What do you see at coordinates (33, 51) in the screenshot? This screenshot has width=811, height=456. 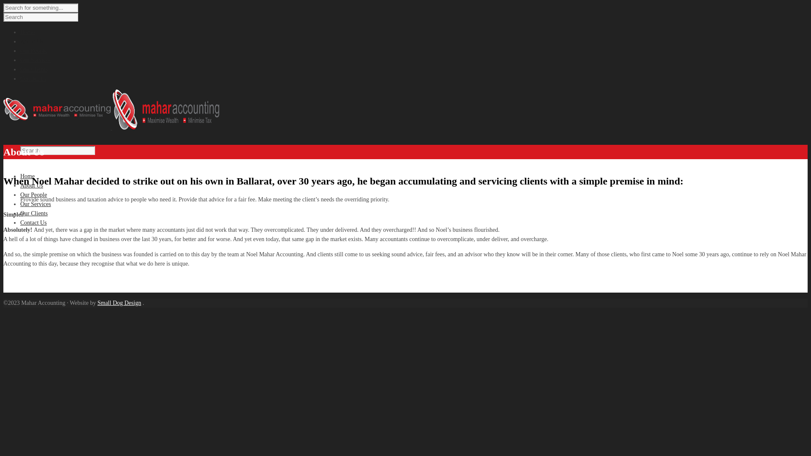 I see `'Our People'` at bounding box center [33, 51].